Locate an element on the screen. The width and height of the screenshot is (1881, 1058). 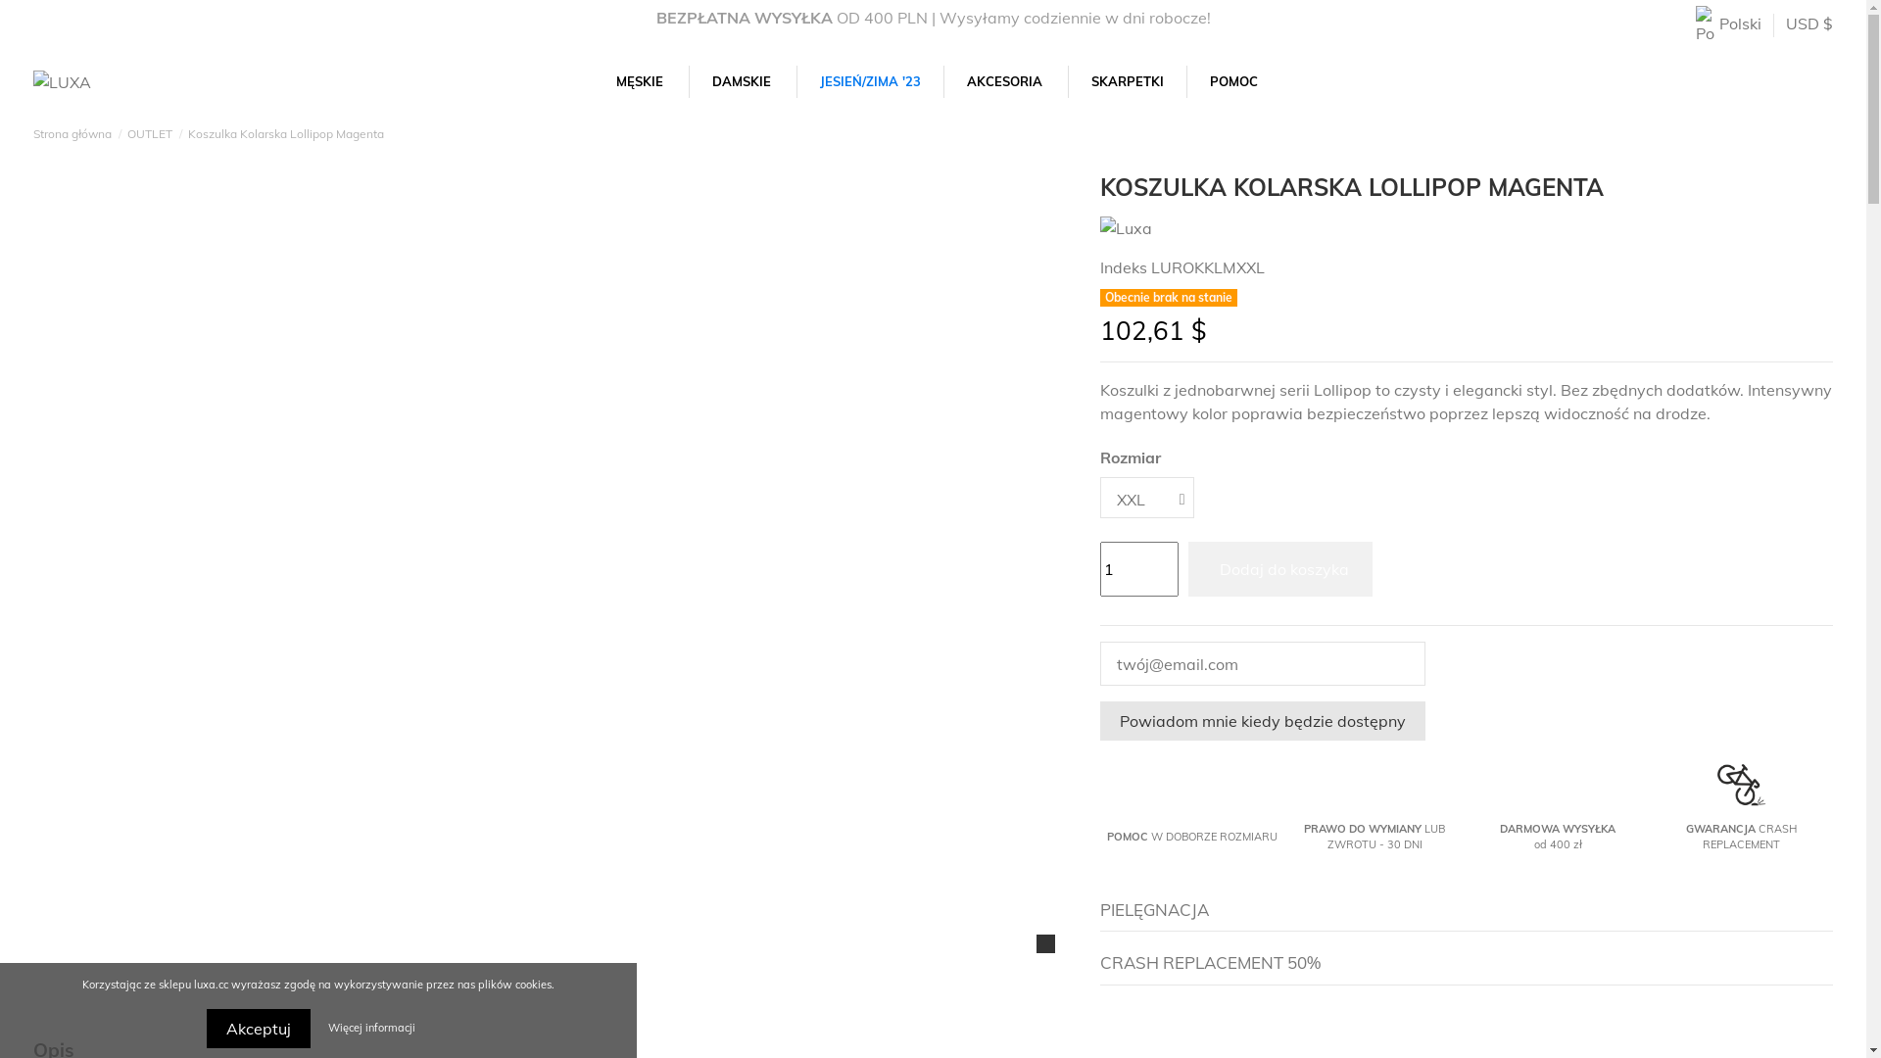
'Dodaj do koszyka' is located at coordinates (1187, 569).